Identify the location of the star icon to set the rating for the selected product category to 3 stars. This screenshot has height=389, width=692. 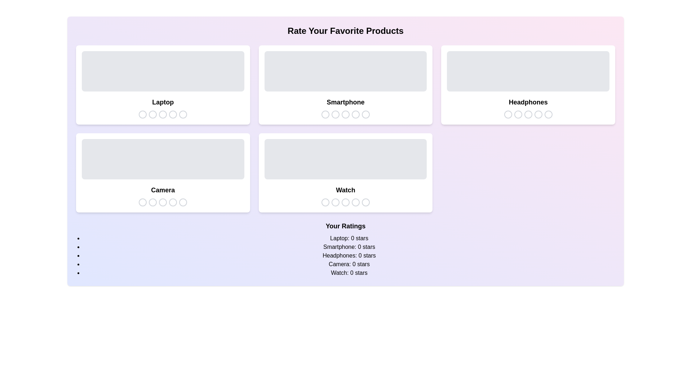
(163, 114).